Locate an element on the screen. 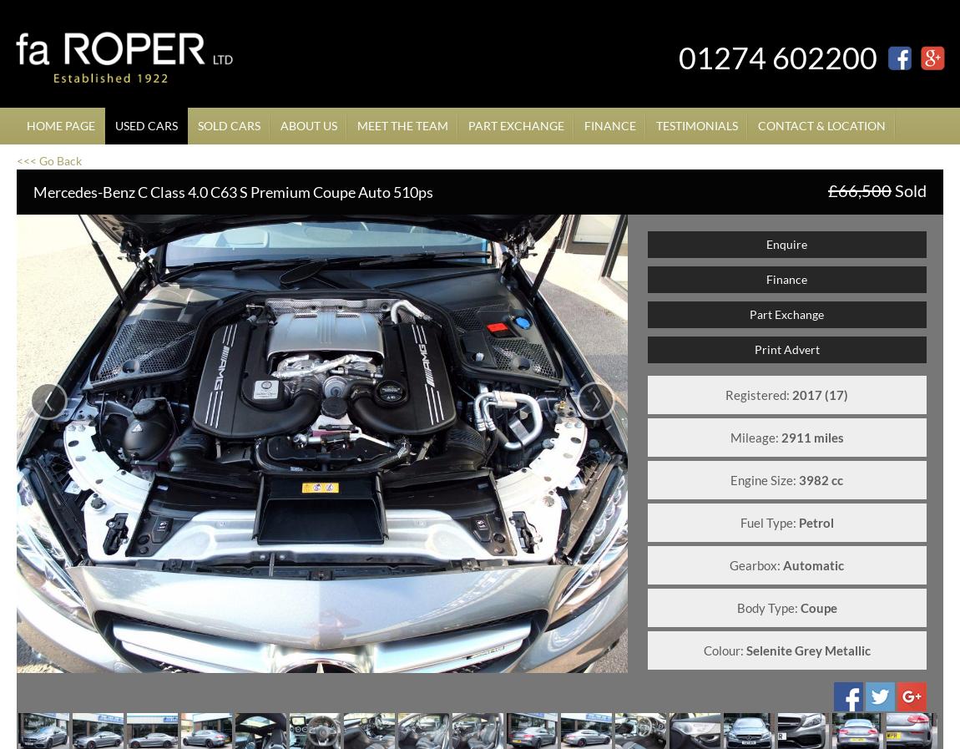  'Testimonials' is located at coordinates (696, 124).